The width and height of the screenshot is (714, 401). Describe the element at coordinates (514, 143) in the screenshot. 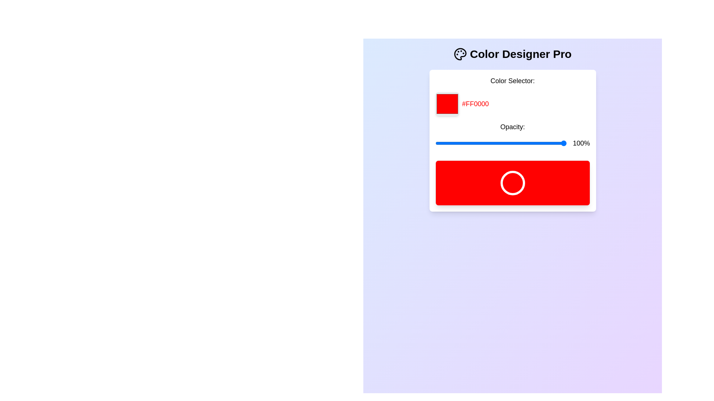

I see `opacity` at that location.